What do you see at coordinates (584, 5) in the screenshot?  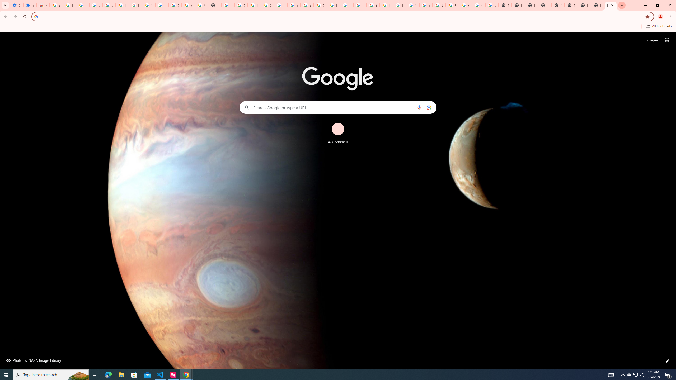 I see `'New Tab'` at bounding box center [584, 5].